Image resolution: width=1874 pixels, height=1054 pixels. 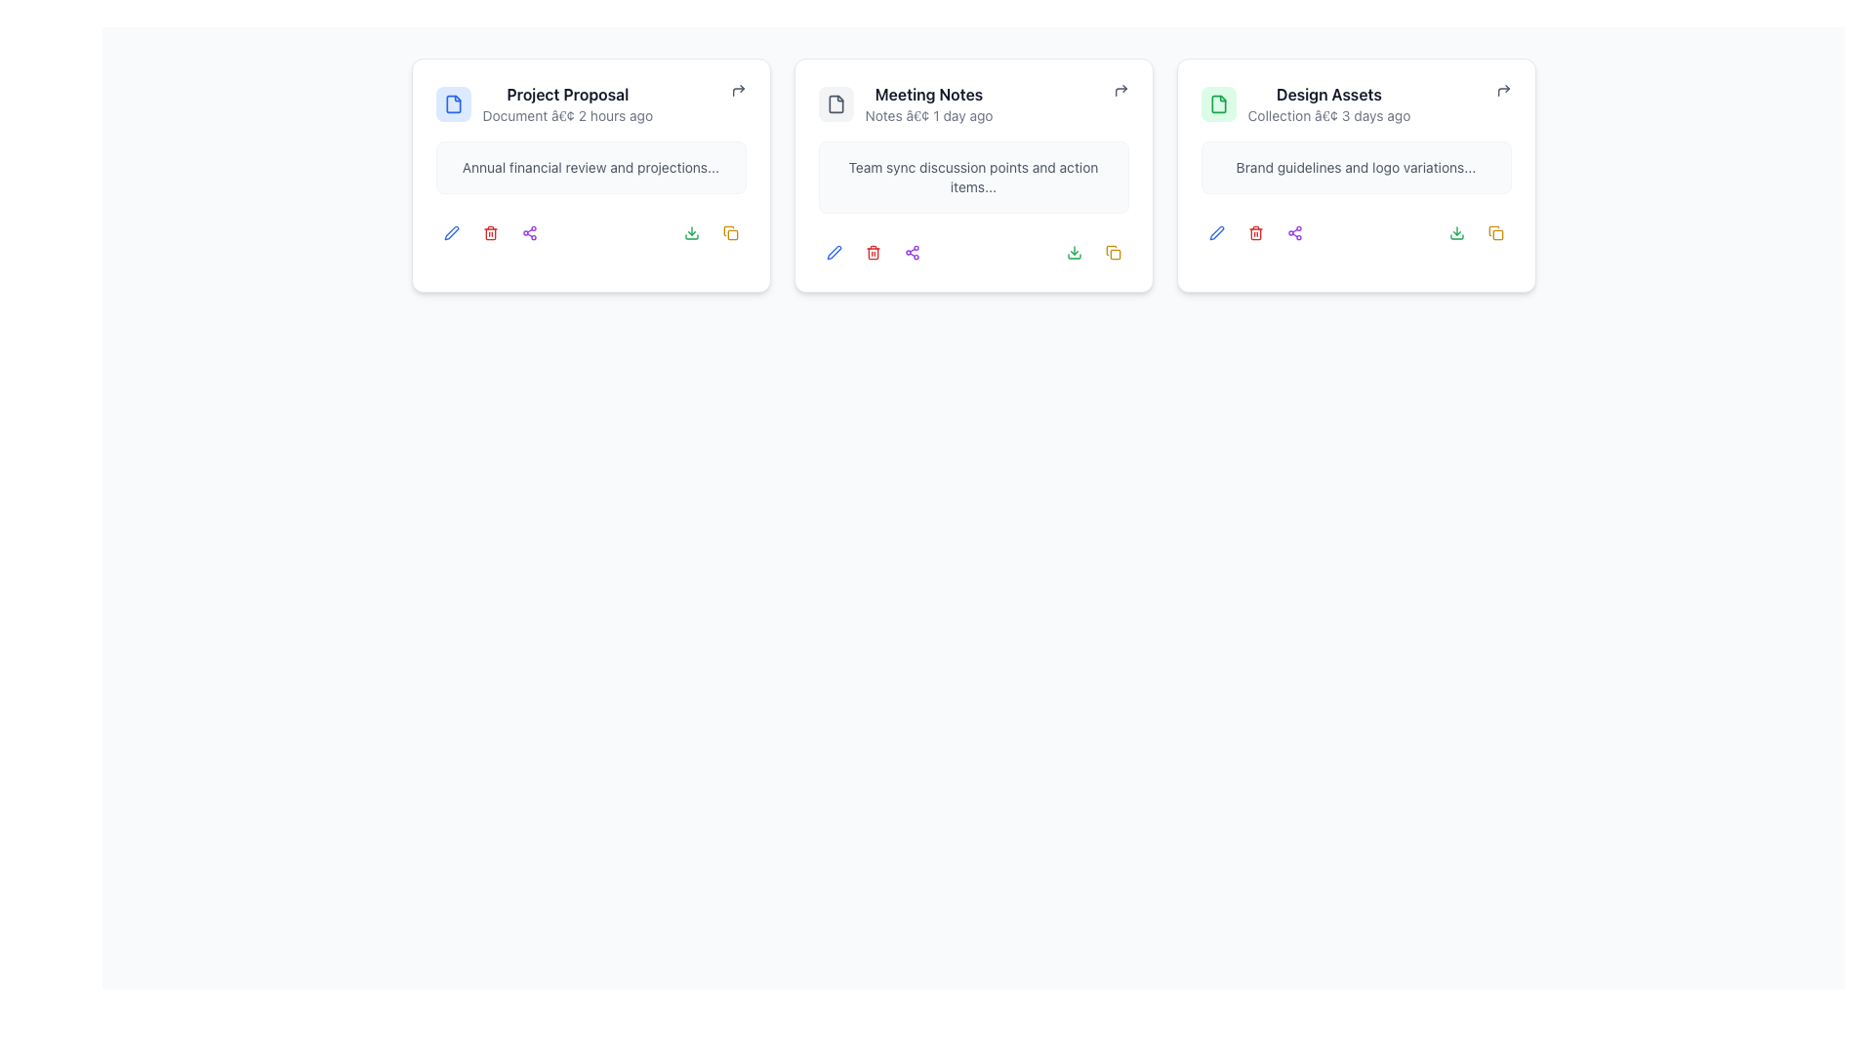 I want to click on the document icon with rounded corners located at the top-left corner of the 'Design Assets' card, next to its title 'Design Assets', so click(x=1217, y=104).